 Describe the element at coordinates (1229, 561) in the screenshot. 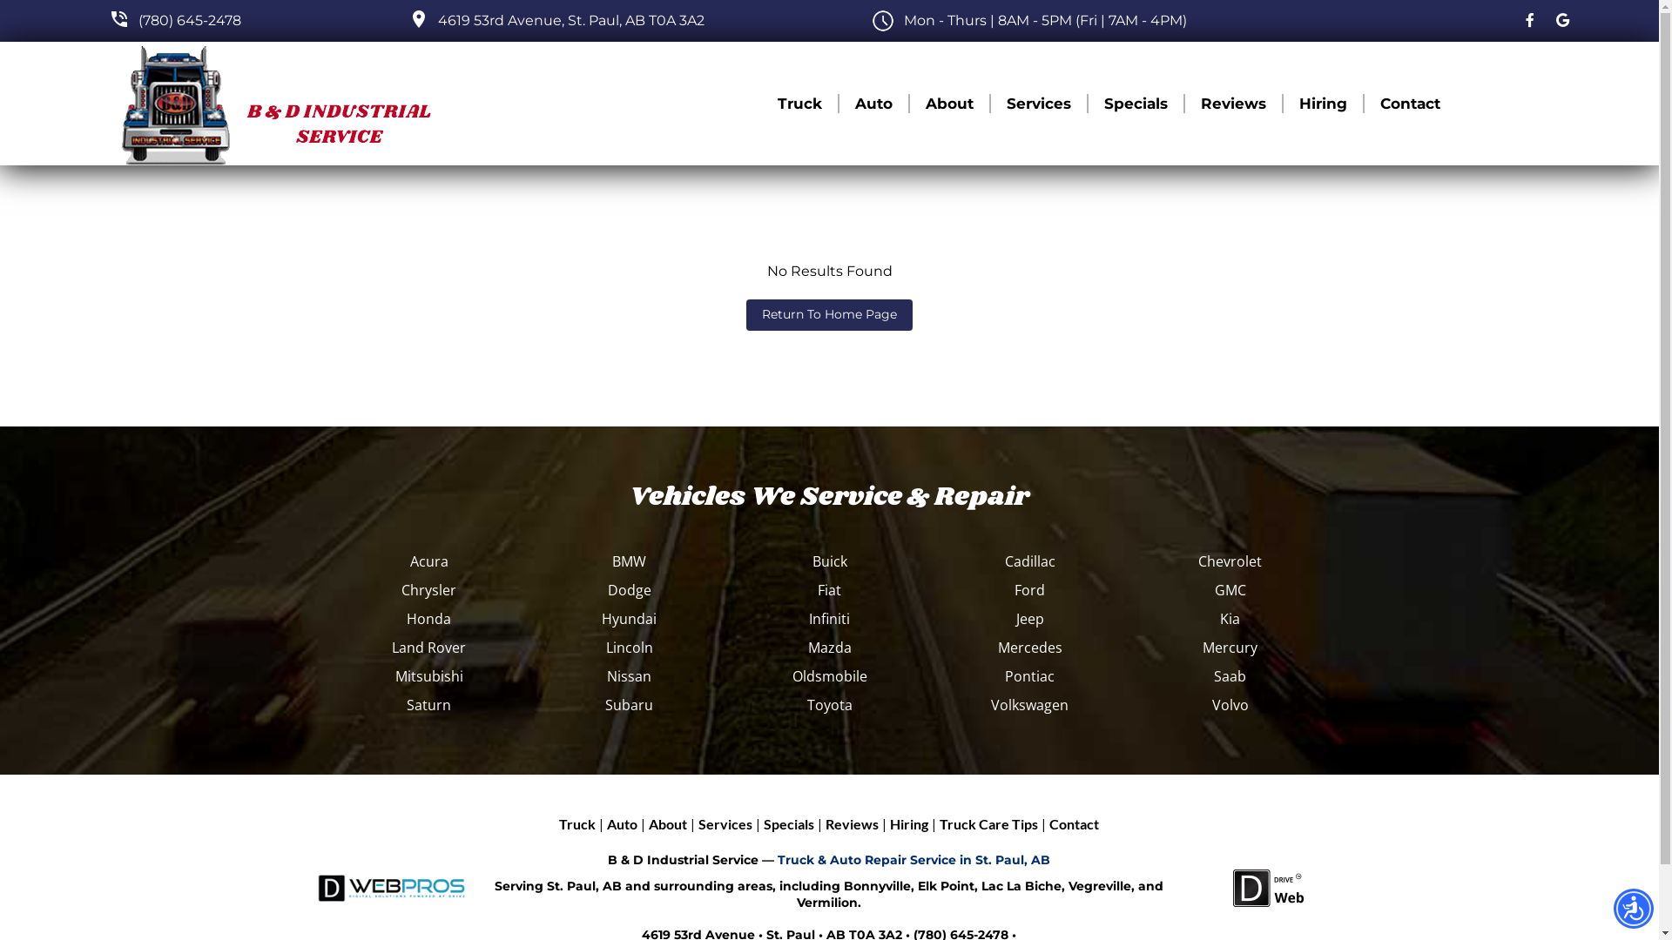

I see `'Chevrolet'` at that location.